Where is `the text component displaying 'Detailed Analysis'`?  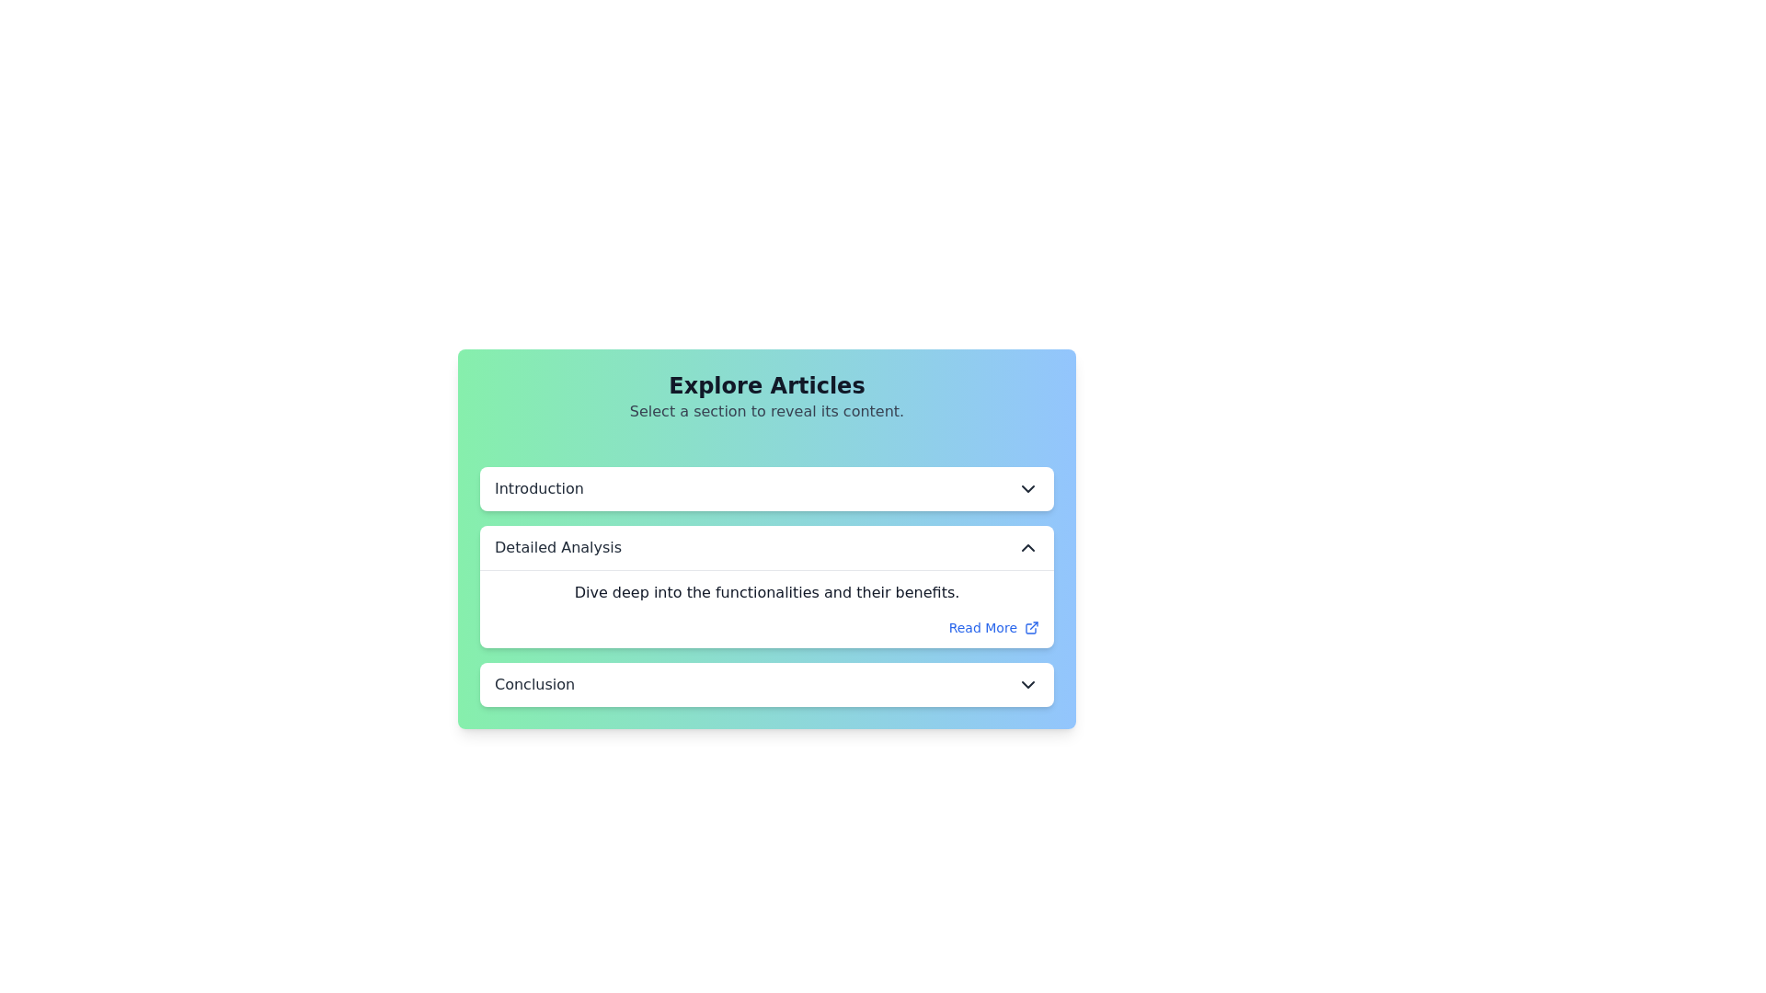
the text component displaying 'Detailed Analysis' is located at coordinates (557, 547).